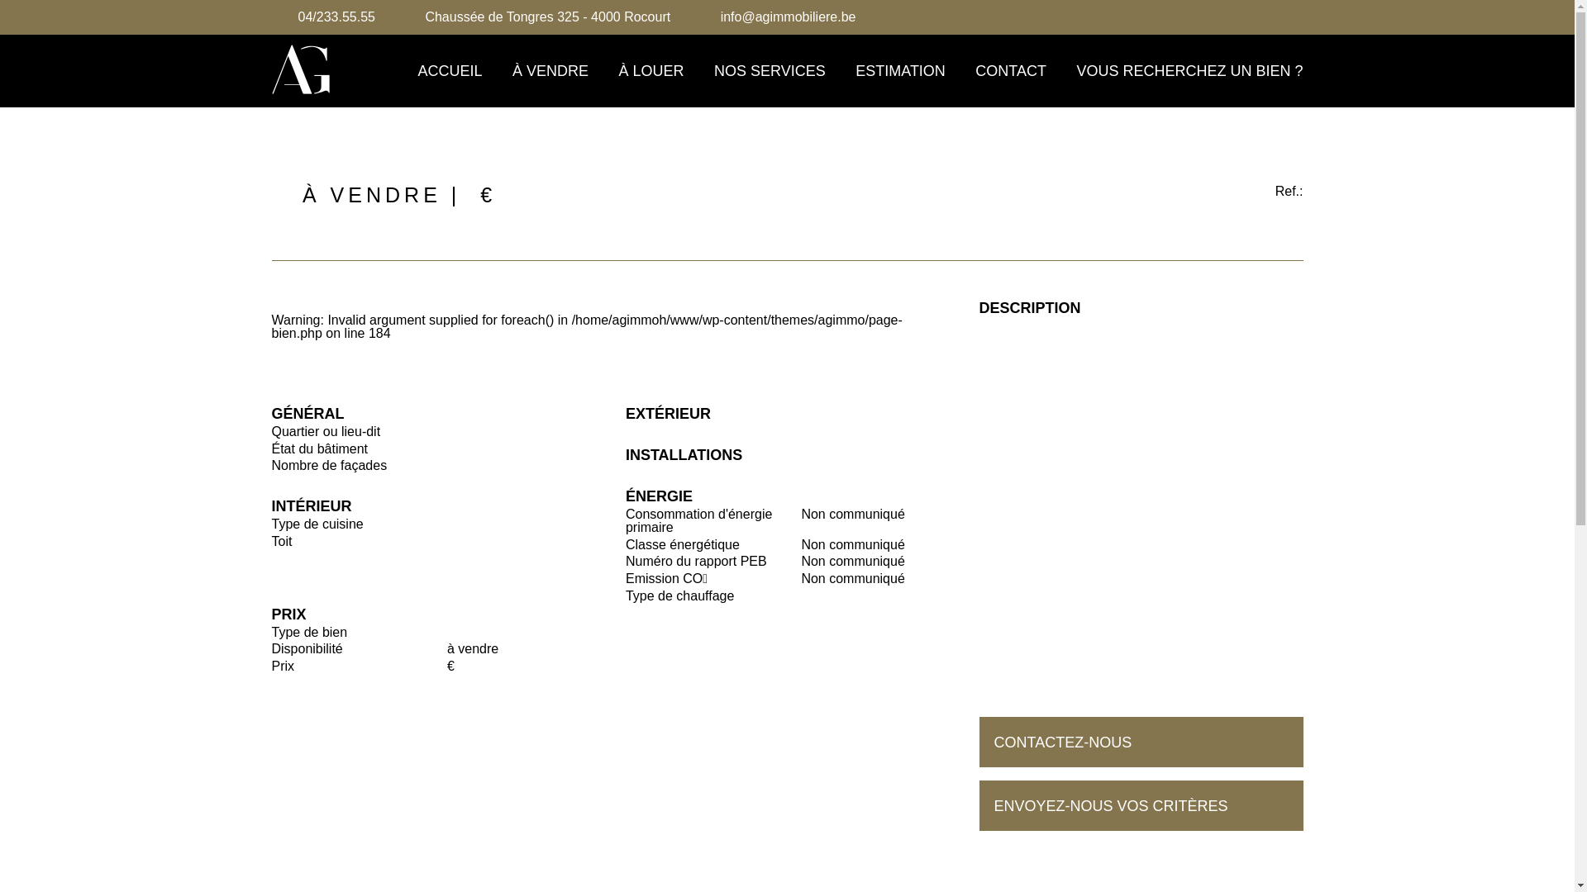 This screenshot has width=1587, height=892. I want to click on '04/233.55.55', so click(335, 17).